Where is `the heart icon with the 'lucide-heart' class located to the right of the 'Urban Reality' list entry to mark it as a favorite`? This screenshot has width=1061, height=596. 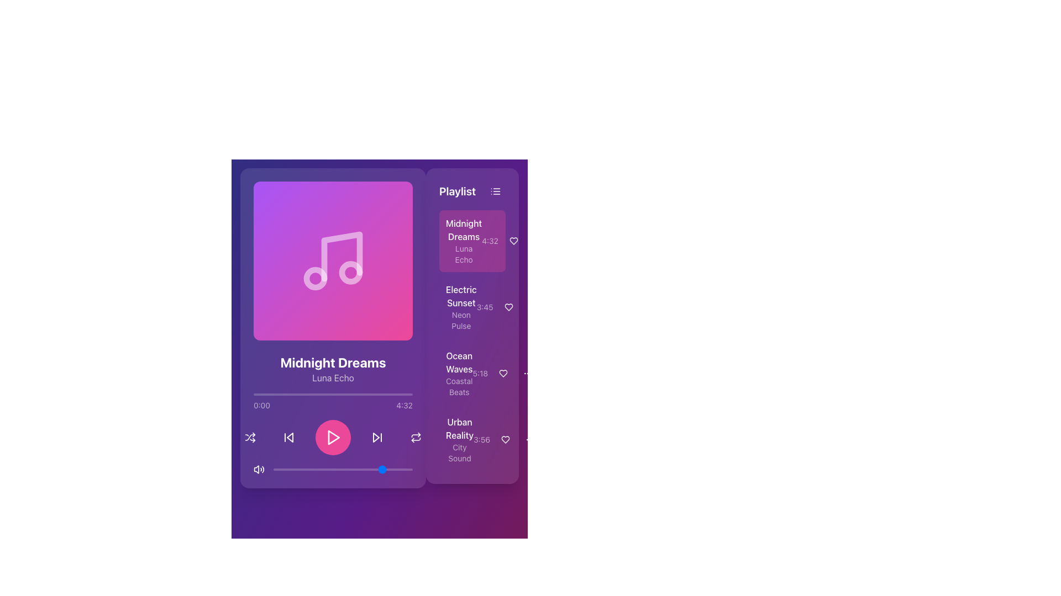
the heart icon with the 'lucide-heart' class located to the right of the 'Urban Reality' list entry to mark it as a favorite is located at coordinates (505, 439).